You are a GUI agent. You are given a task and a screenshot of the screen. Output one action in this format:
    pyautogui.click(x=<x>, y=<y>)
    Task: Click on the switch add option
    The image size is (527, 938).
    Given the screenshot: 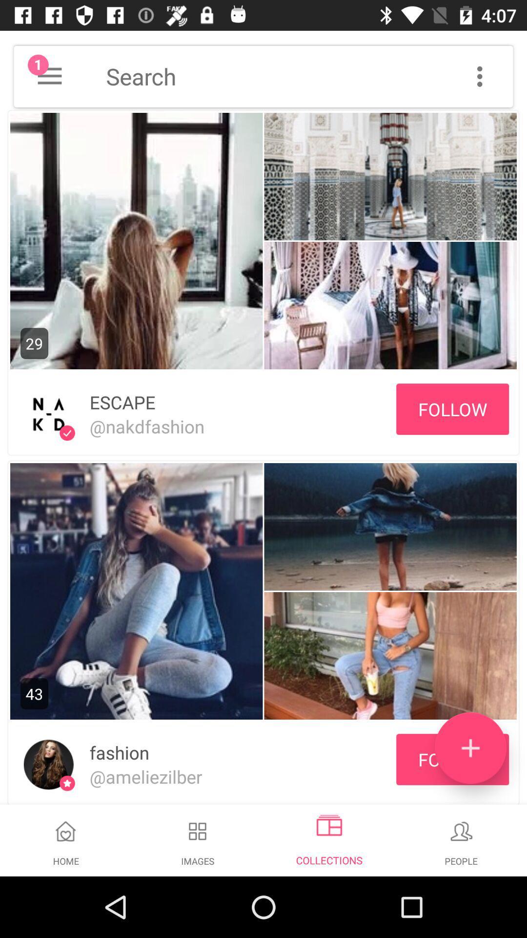 What is the action you would take?
    pyautogui.click(x=470, y=747)
    